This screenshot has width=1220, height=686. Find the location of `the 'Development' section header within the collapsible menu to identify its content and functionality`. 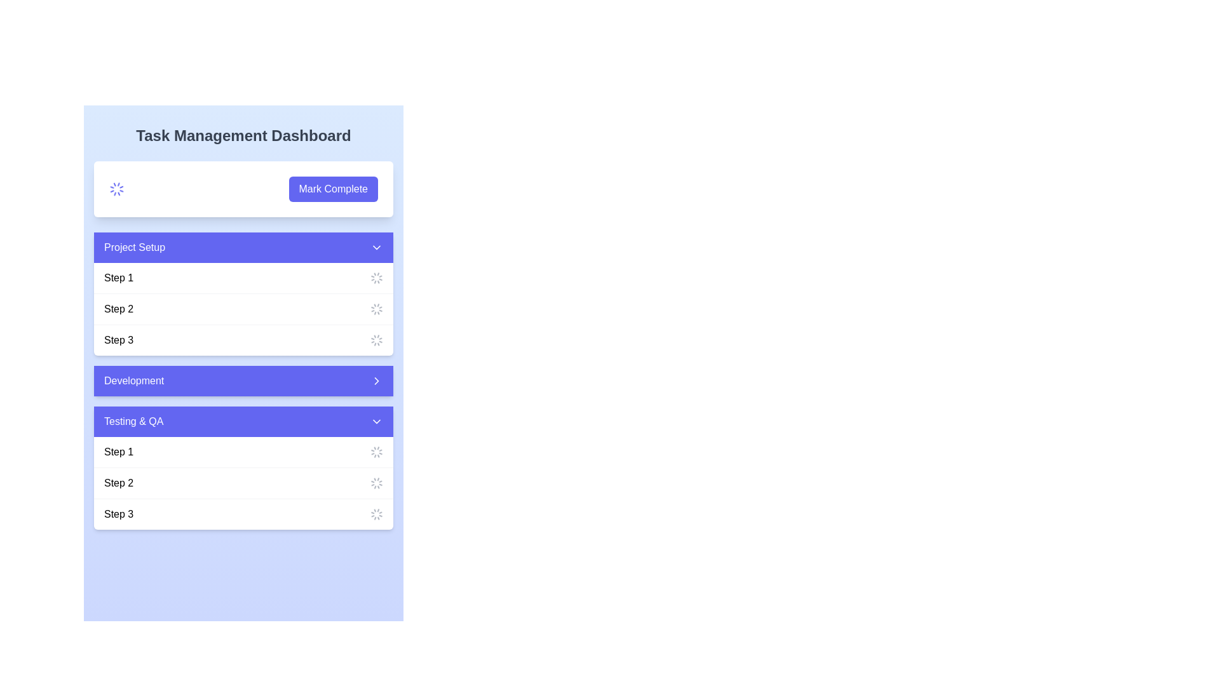

the 'Development' section header within the collapsible menu to identify its content and functionality is located at coordinates (134, 380).